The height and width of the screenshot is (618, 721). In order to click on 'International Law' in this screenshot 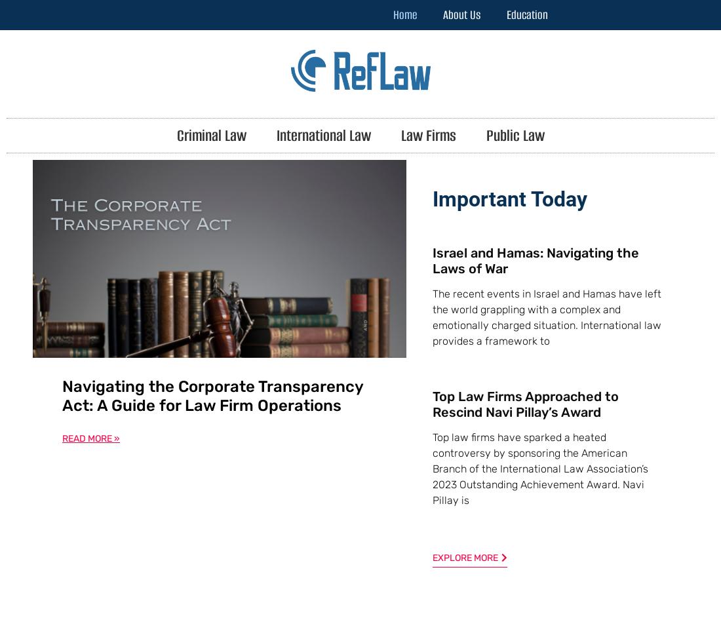, I will do `click(323, 134)`.